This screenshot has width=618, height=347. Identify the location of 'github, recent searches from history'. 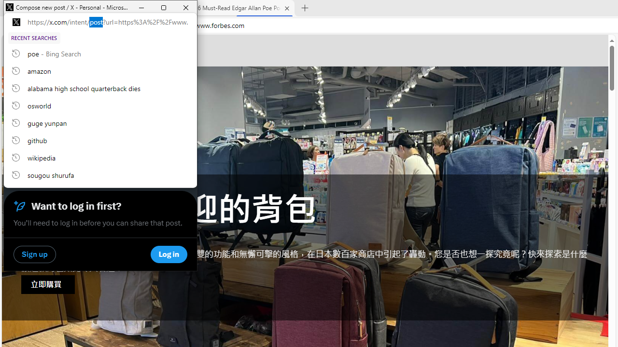
(100, 140).